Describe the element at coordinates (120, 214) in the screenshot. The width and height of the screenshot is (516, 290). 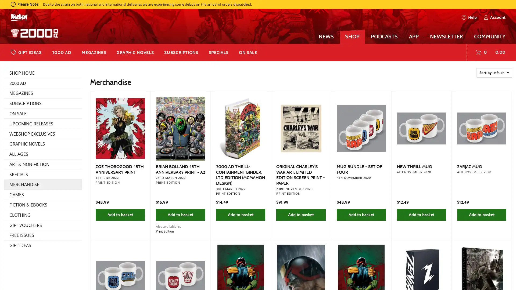
I see `Add to basket` at that location.